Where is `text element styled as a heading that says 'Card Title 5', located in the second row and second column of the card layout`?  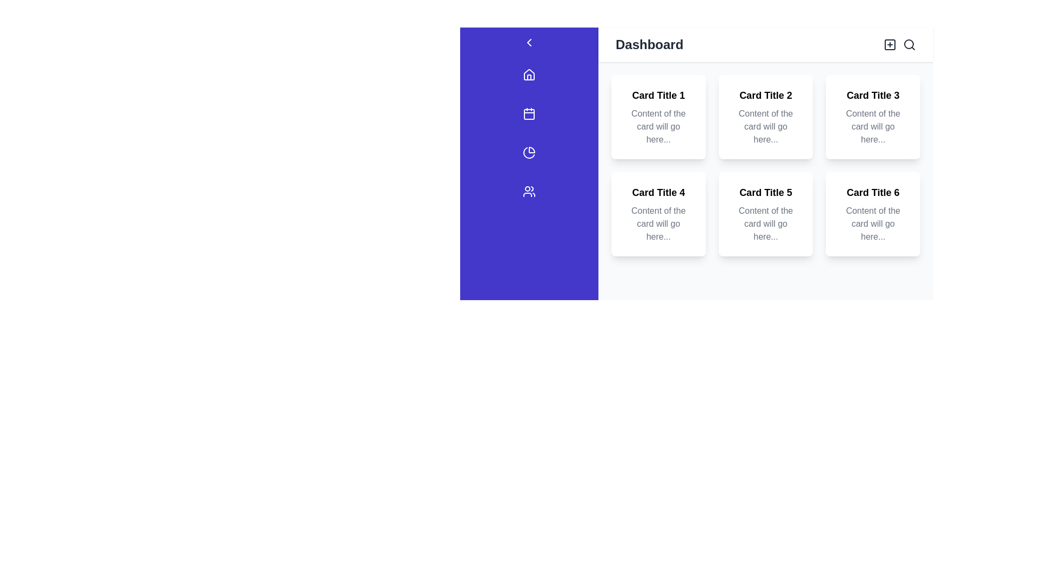 text element styled as a heading that says 'Card Title 5', located in the second row and second column of the card layout is located at coordinates (765, 192).